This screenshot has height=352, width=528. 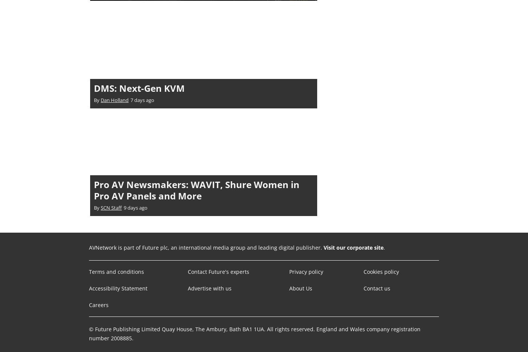 I want to click on 'DMS: Next-Gen KVM', so click(x=139, y=88).